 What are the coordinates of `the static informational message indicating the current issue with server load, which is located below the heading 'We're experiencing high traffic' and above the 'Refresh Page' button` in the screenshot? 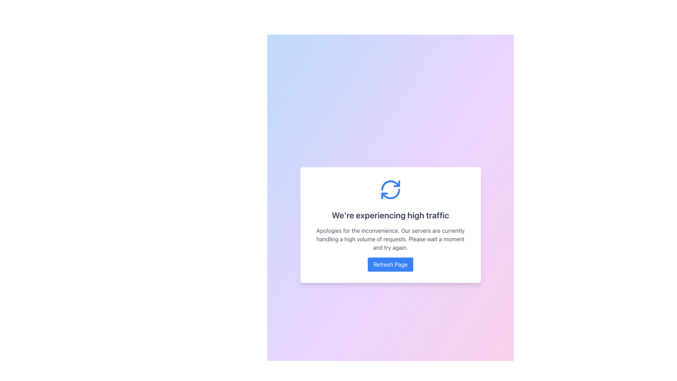 It's located at (390, 239).